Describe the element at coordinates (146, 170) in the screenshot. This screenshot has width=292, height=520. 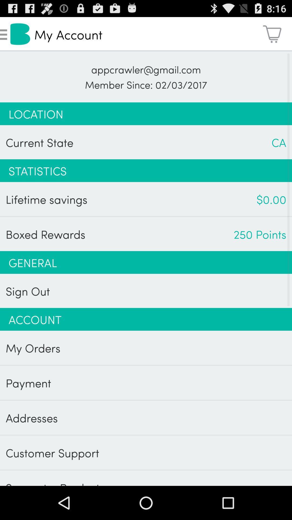
I see `the app below the current state app` at that location.